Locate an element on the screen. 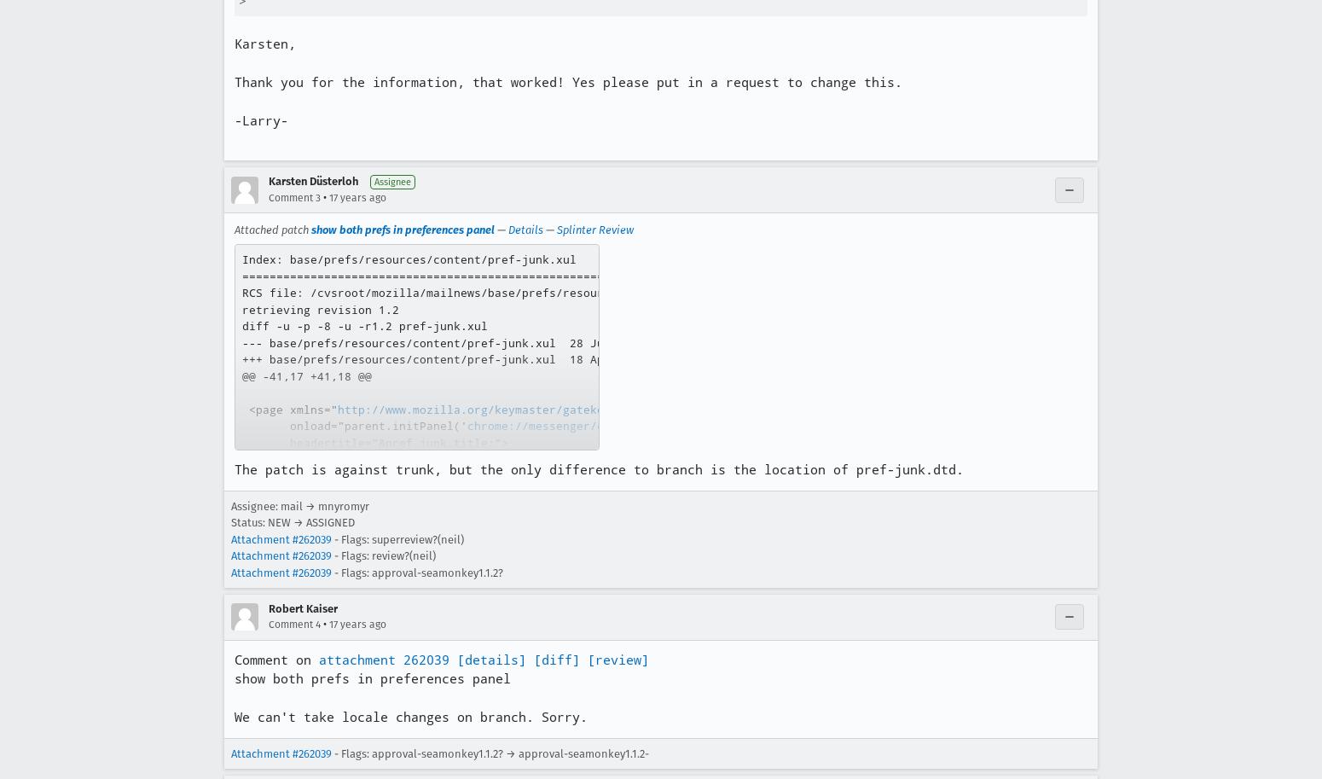 This screenshot has width=1322, height=779. '+++ base/prefs/resources/content/pref-junk.xul	18 Apr 2007 21:47:13 -0000' is located at coordinates (495, 359).